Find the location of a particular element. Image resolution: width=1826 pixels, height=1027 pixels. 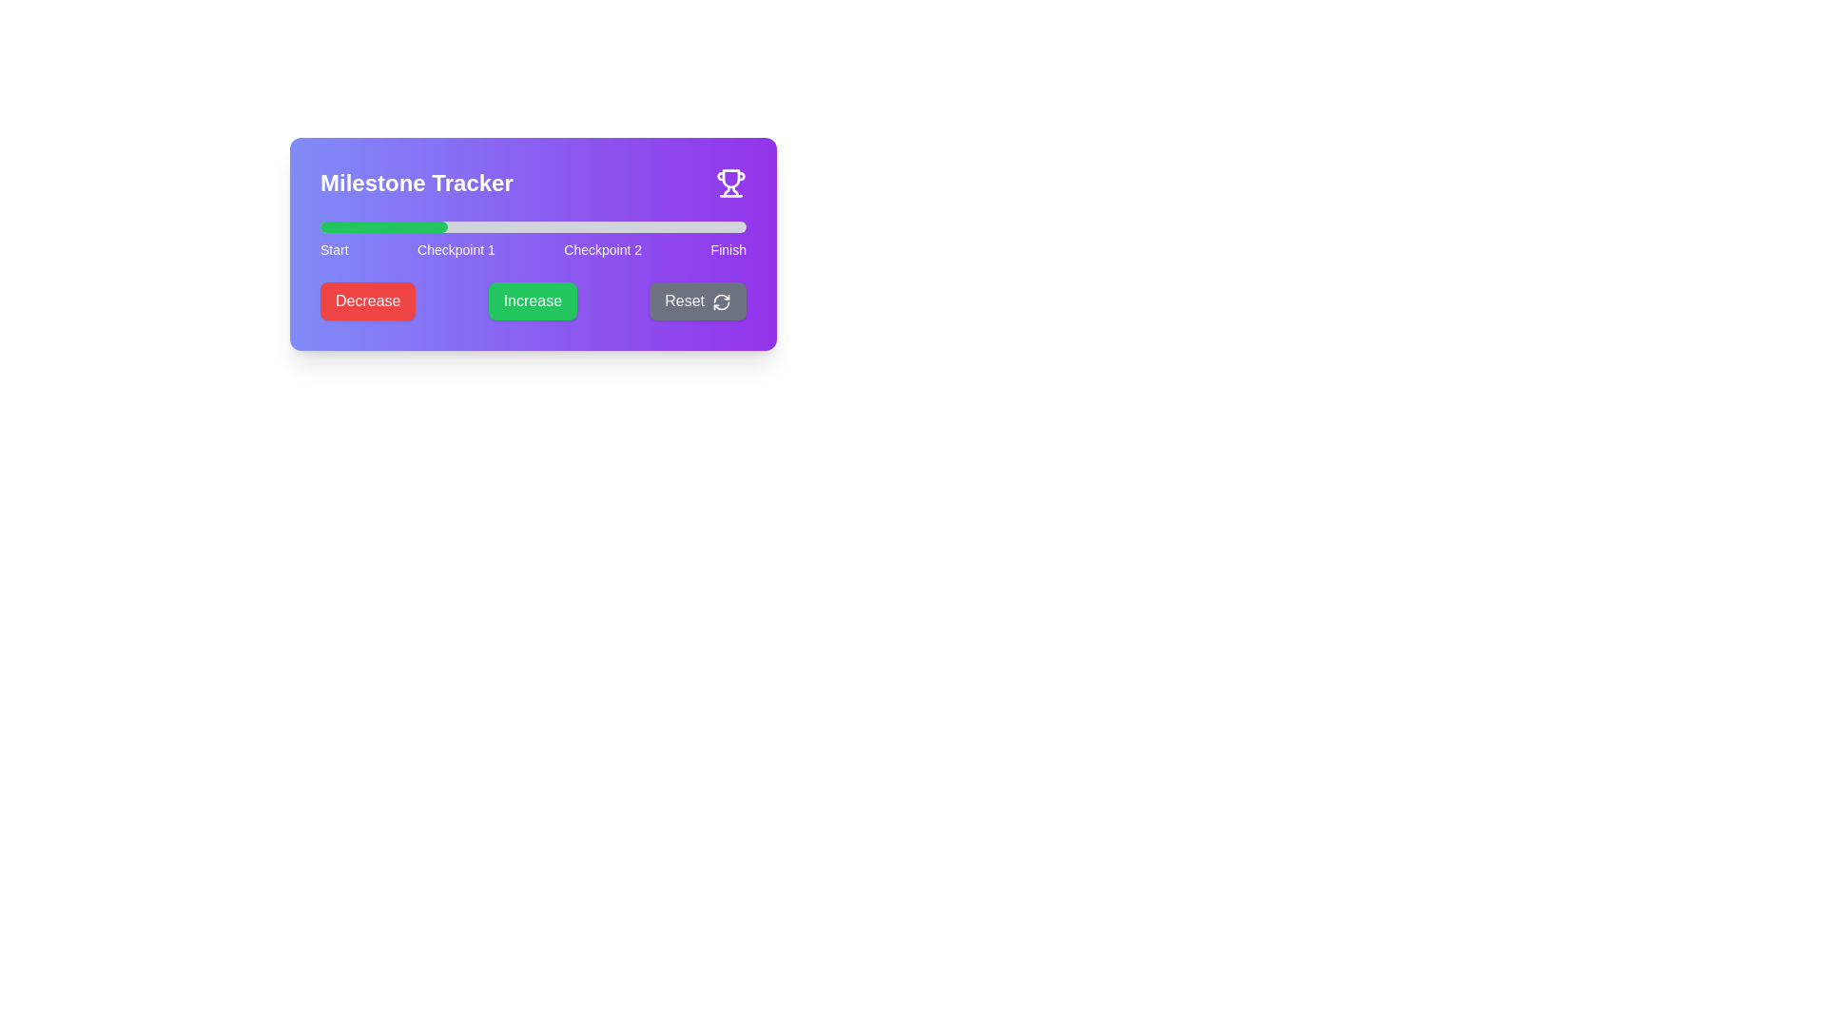

the horizontal progress bar with milestone indicators located centrally below the 'Milestone Tracker' title, which features markers for 'Start,' 'Checkpoint 1,' 'Checkpoint 2,' and 'Finish' is located at coordinates (533, 240).